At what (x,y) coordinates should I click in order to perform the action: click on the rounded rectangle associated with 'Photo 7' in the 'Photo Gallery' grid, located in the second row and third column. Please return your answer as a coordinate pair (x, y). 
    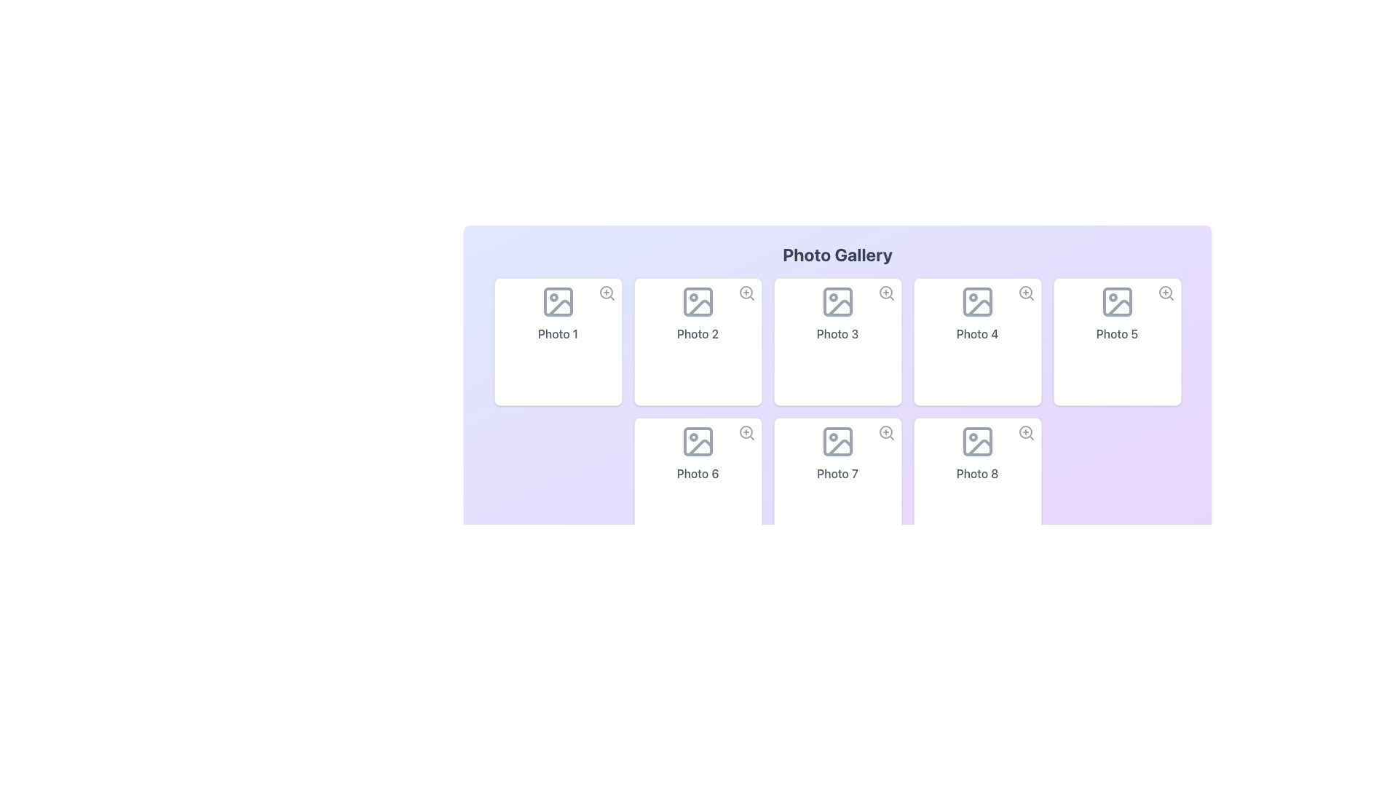
    Looking at the image, I should click on (837, 440).